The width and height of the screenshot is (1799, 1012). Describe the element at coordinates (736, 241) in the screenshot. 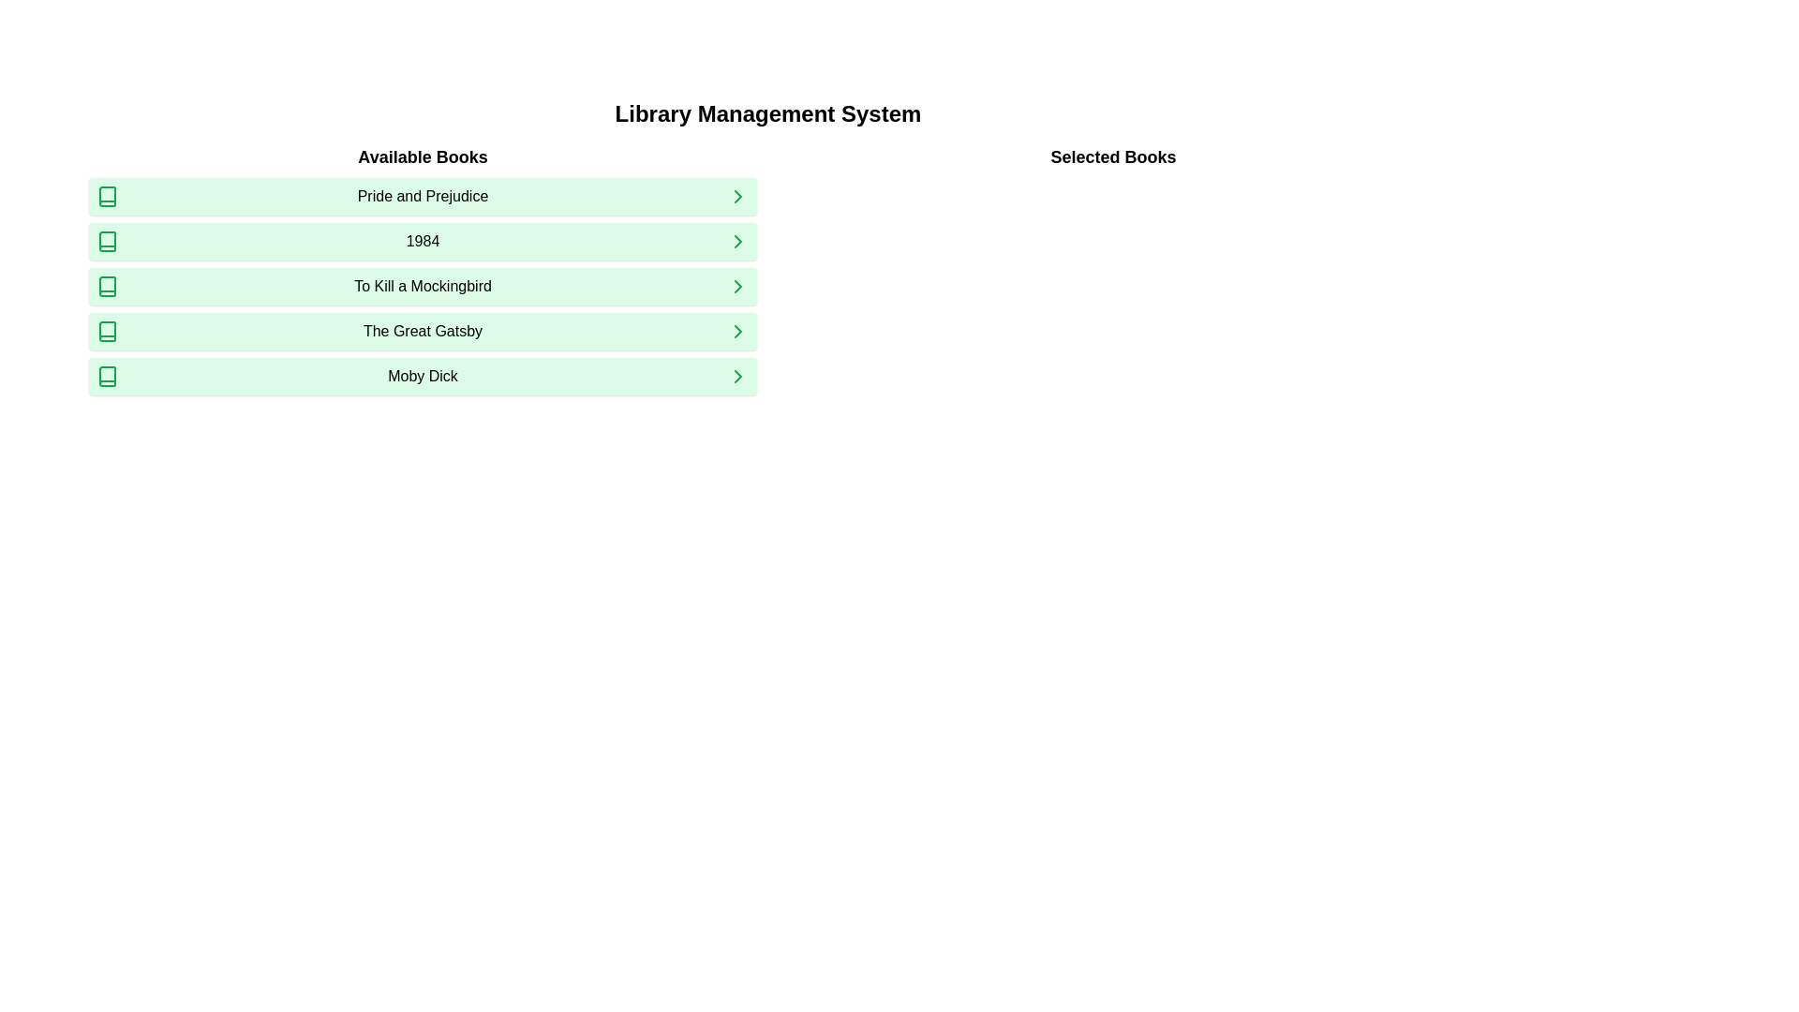

I see `the rightward-pointing green chevron icon located at the far-right side of the row labeled '1984' to trigger the hover effect` at that location.